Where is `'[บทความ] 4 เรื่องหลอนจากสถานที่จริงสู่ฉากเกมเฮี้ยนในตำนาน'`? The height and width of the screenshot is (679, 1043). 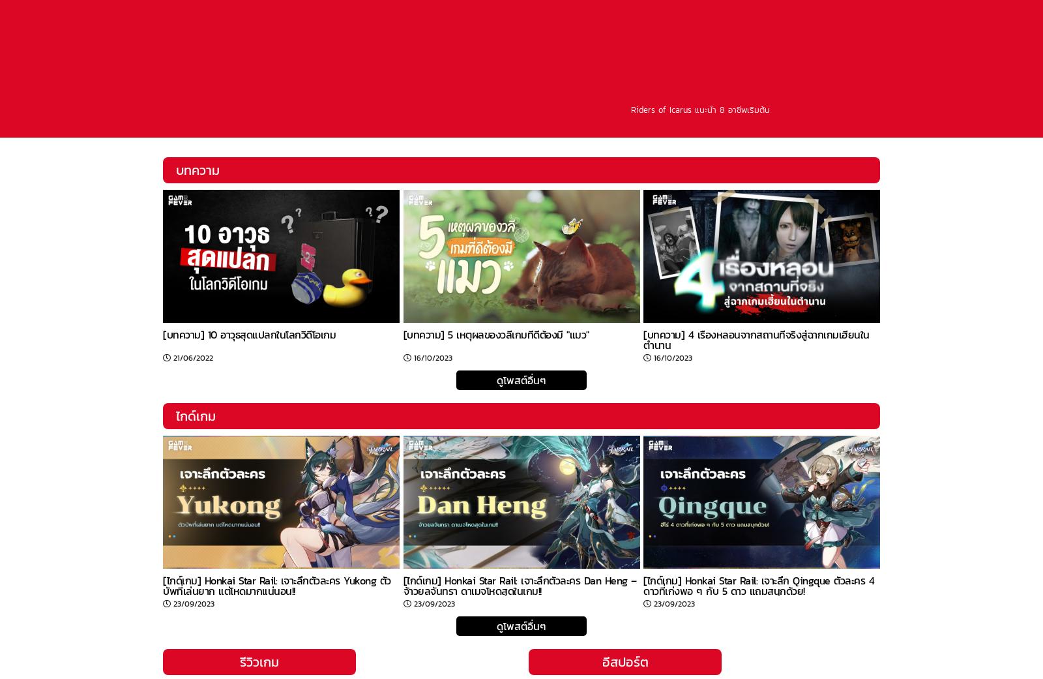
'[บทความ] 4 เรื่องหลอนจากสถานที่จริงสู่ฉากเกมเฮี้ยนในตำนาน' is located at coordinates (756, 339).